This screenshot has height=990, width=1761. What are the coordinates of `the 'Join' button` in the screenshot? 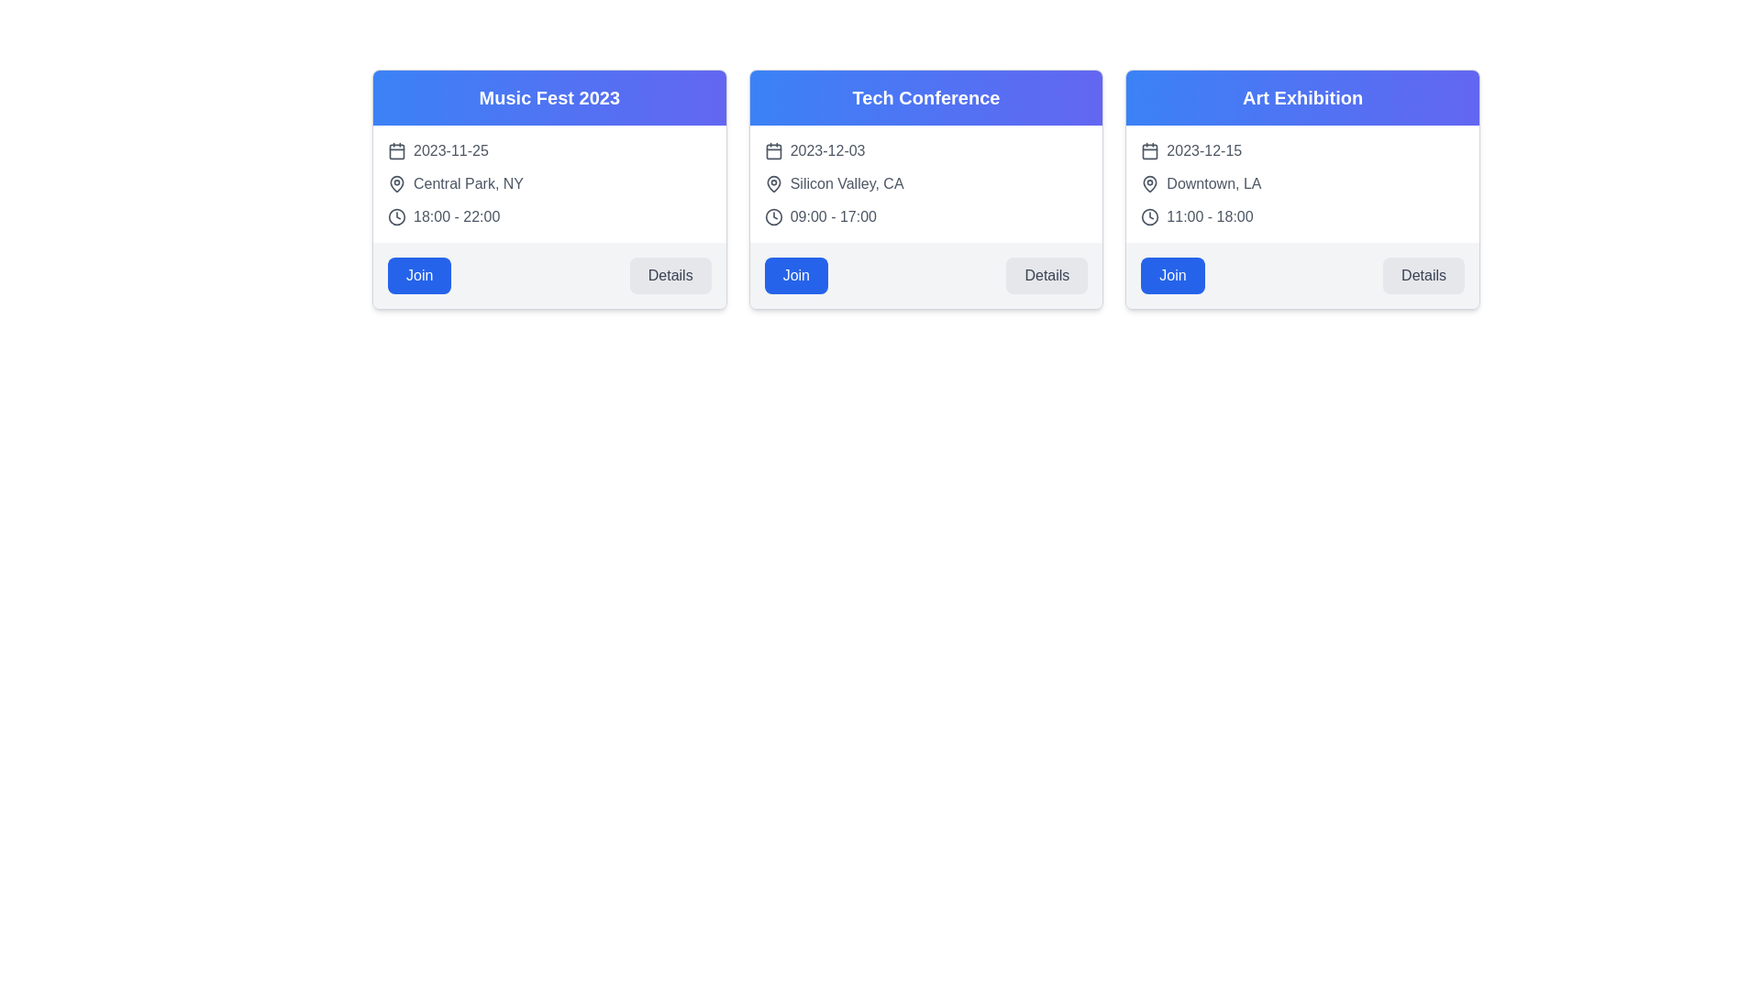 It's located at (1172, 275).